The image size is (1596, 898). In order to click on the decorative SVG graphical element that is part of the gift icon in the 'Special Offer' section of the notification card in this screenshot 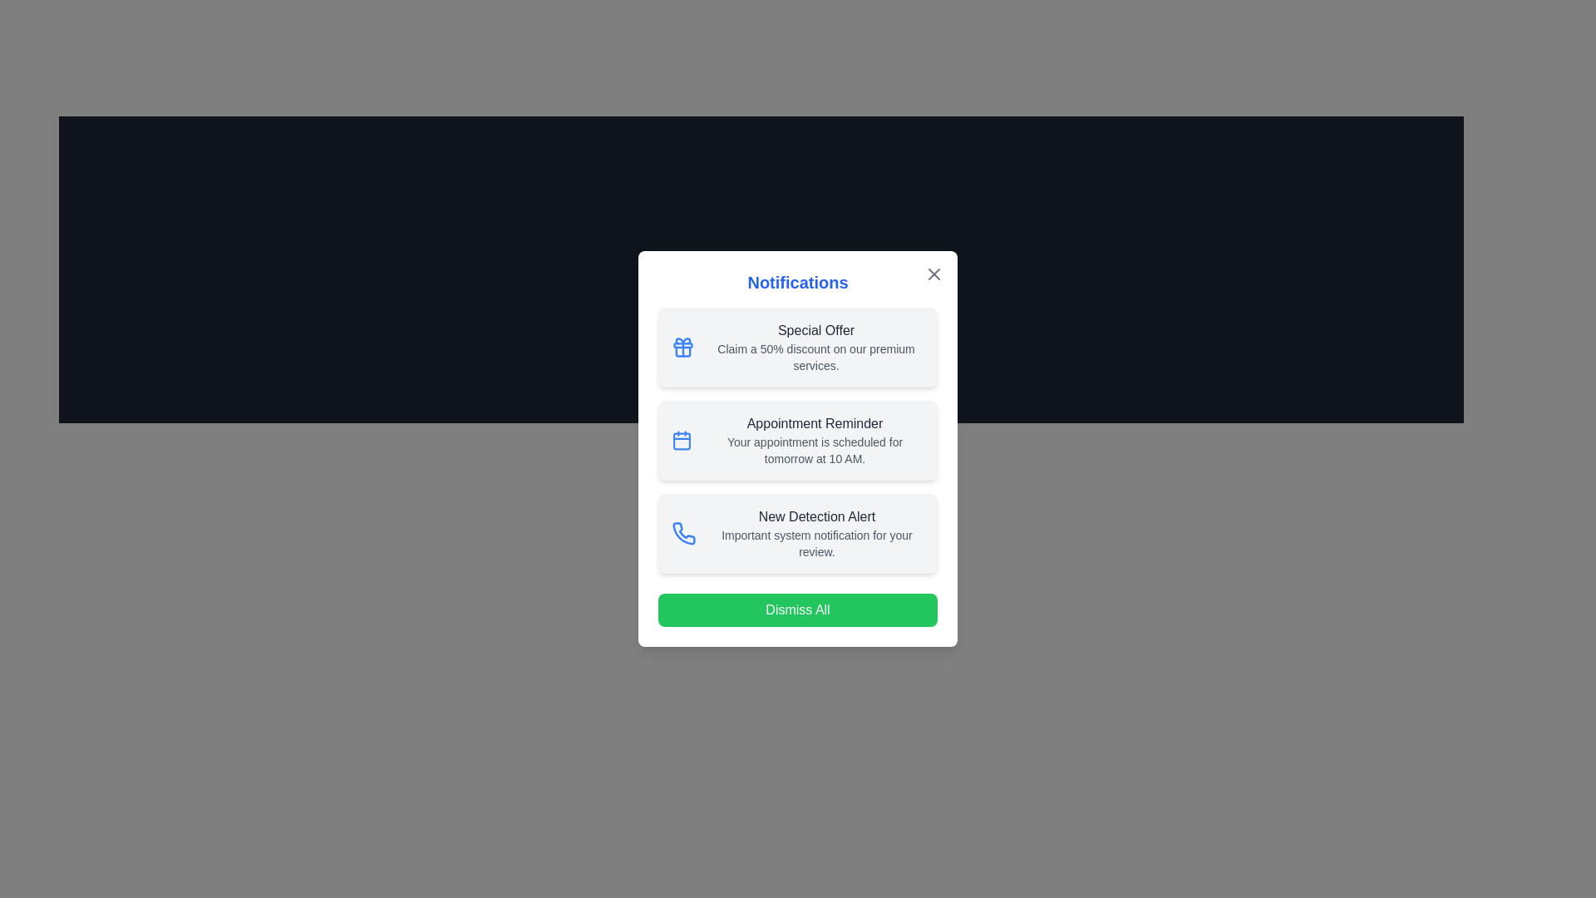, I will do `click(682, 351)`.